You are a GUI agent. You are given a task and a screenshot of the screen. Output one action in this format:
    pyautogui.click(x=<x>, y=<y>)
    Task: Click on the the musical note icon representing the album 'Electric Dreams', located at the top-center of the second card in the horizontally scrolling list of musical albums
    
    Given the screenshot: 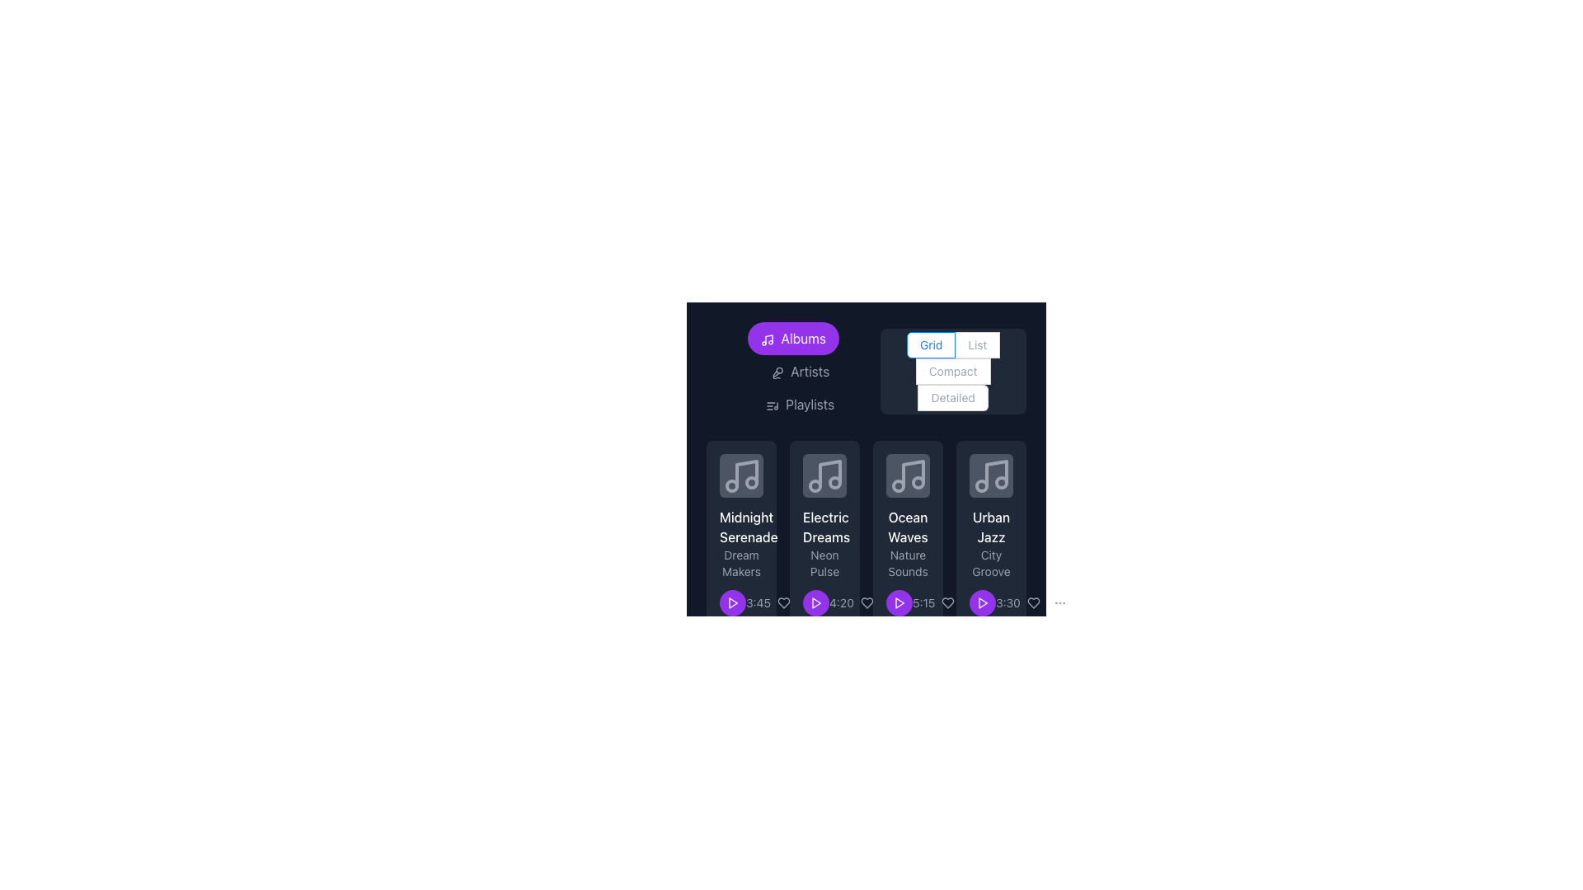 What is the action you would take?
    pyautogui.click(x=829, y=473)
    